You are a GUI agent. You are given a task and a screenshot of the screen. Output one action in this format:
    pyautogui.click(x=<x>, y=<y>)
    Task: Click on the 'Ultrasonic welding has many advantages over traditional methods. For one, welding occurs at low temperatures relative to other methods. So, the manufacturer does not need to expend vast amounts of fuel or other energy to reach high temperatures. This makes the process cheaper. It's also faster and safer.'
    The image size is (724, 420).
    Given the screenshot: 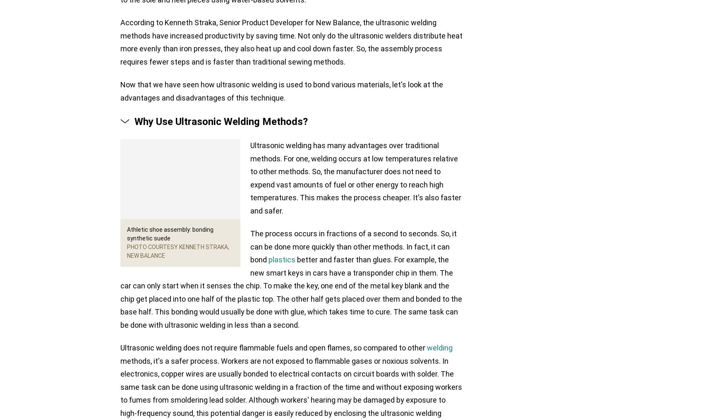 What is the action you would take?
    pyautogui.click(x=355, y=178)
    